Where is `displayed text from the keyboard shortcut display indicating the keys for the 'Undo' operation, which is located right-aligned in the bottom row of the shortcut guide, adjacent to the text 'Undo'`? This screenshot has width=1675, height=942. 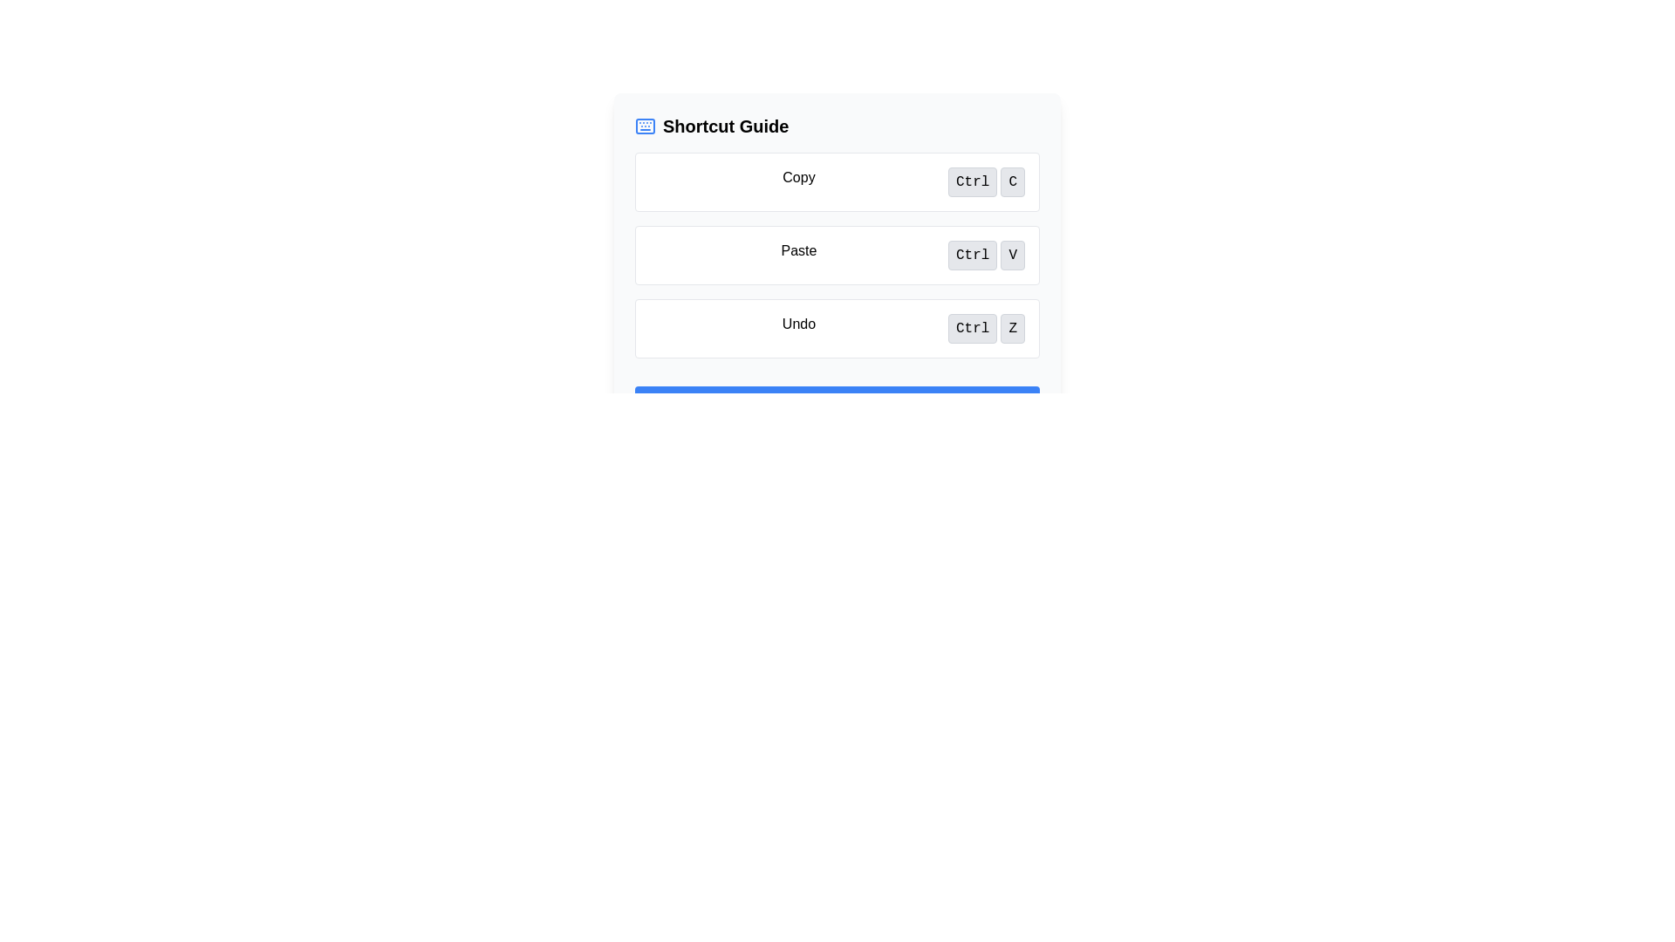
displayed text from the keyboard shortcut display indicating the keys for the 'Undo' operation, which is located right-aligned in the bottom row of the shortcut guide, adjacent to the text 'Undo' is located at coordinates (987, 329).